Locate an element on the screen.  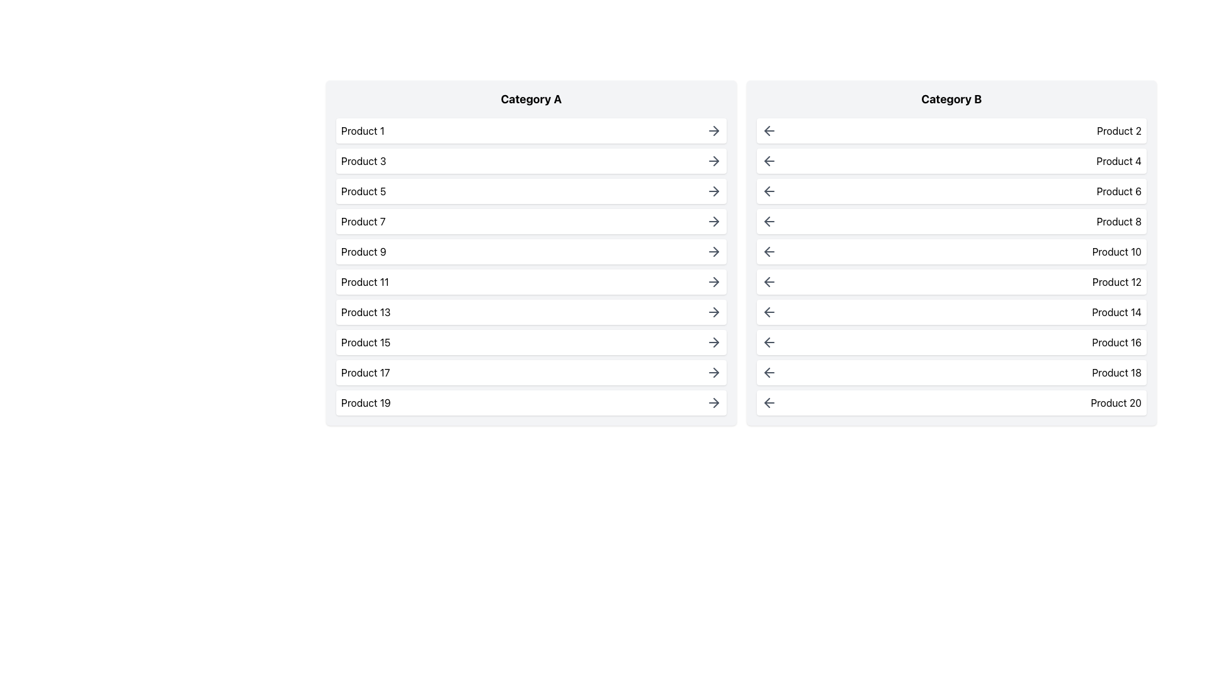
the text label reading 'Product 2' located at the top of the right-hand column in the 'Category B' section is located at coordinates (1119, 131).